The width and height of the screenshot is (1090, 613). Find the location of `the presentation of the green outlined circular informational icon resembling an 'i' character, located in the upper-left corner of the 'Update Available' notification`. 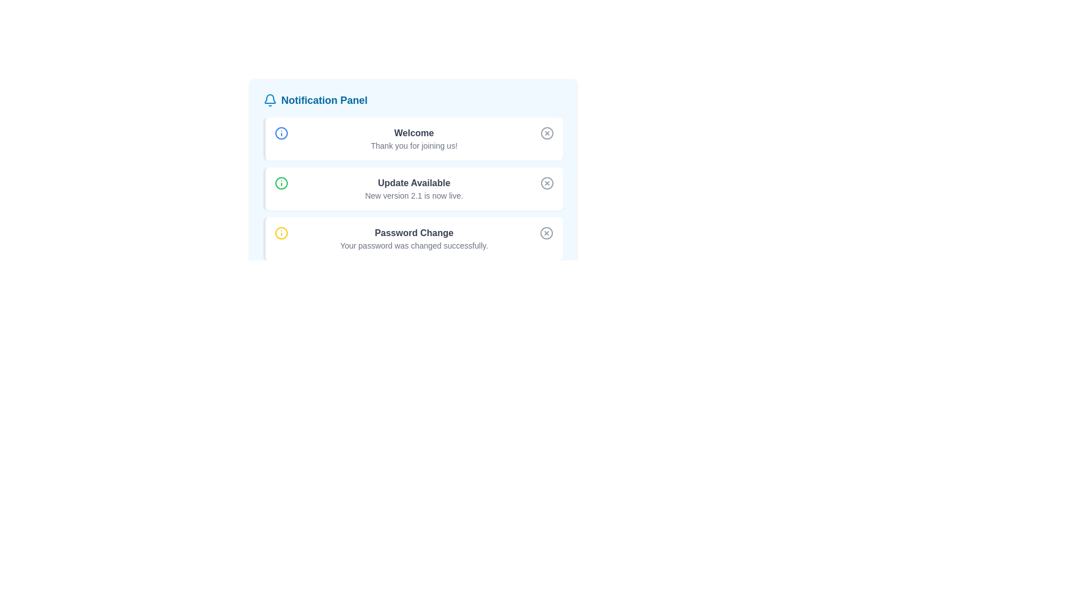

the presentation of the green outlined circular informational icon resembling an 'i' character, located in the upper-left corner of the 'Update Available' notification is located at coordinates (281, 183).